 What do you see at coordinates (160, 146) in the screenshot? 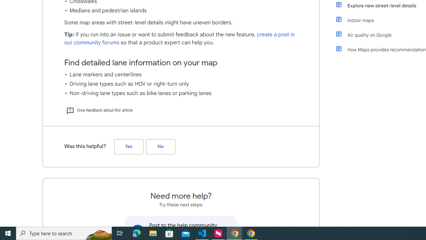
I see `'No (Was this helpful?)'` at bounding box center [160, 146].